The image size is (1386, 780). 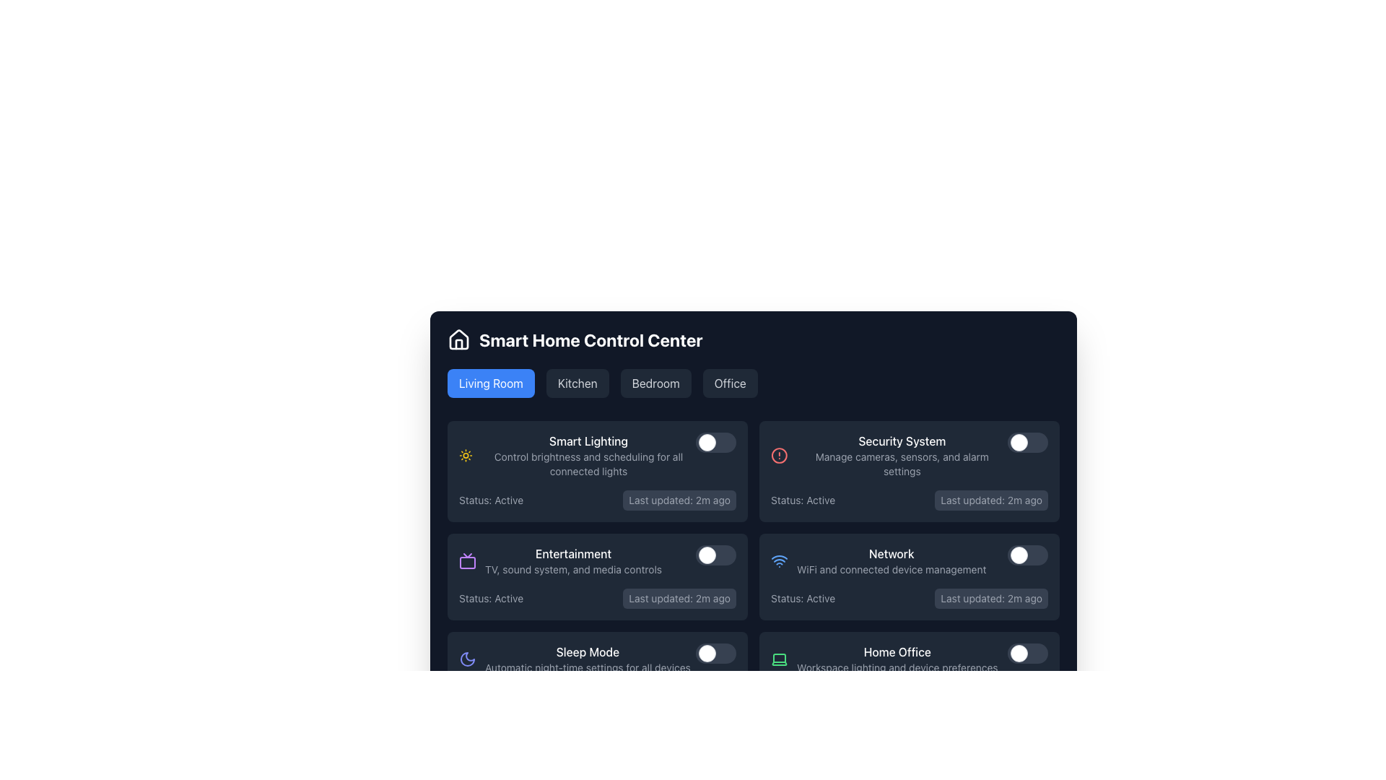 I want to click on the laptop icon located in the 'Home Office' section, which is a minimal green representation with a rectangular shape and rounded corners, so click(x=779, y=659).